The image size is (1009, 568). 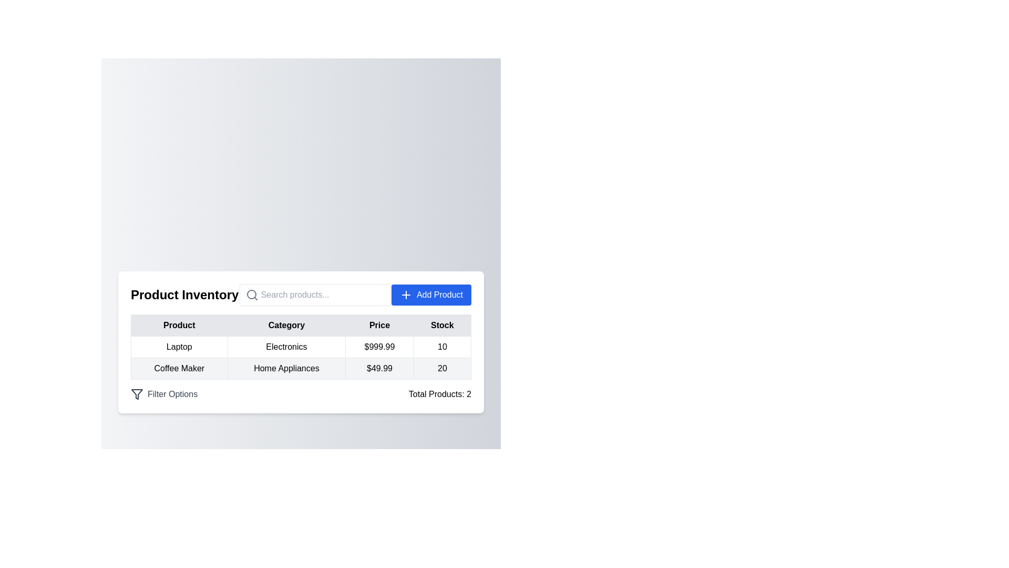 I want to click on the second cell in the second row of the 'Product Inventory' table, so click(x=300, y=342).